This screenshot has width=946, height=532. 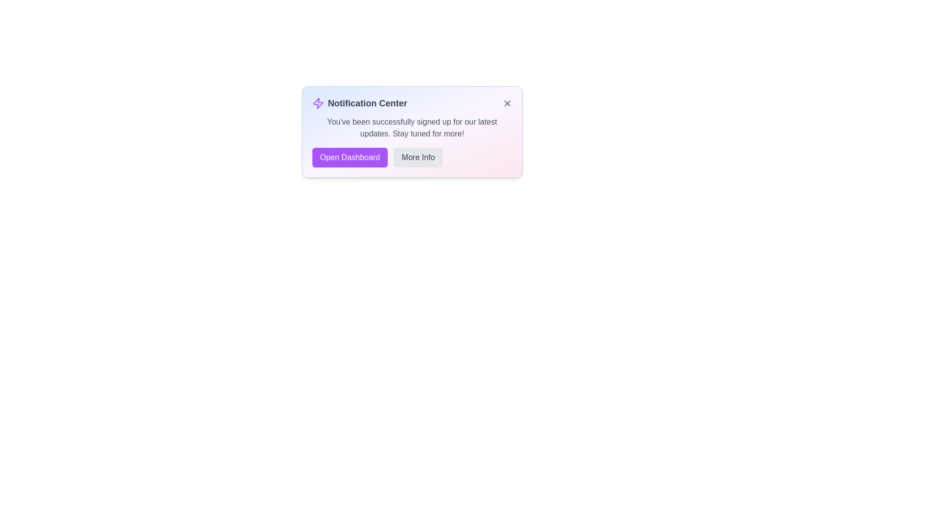 What do you see at coordinates (418, 157) in the screenshot?
I see `the 'More Info' button to request additional information` at bounding box center [418, 157].